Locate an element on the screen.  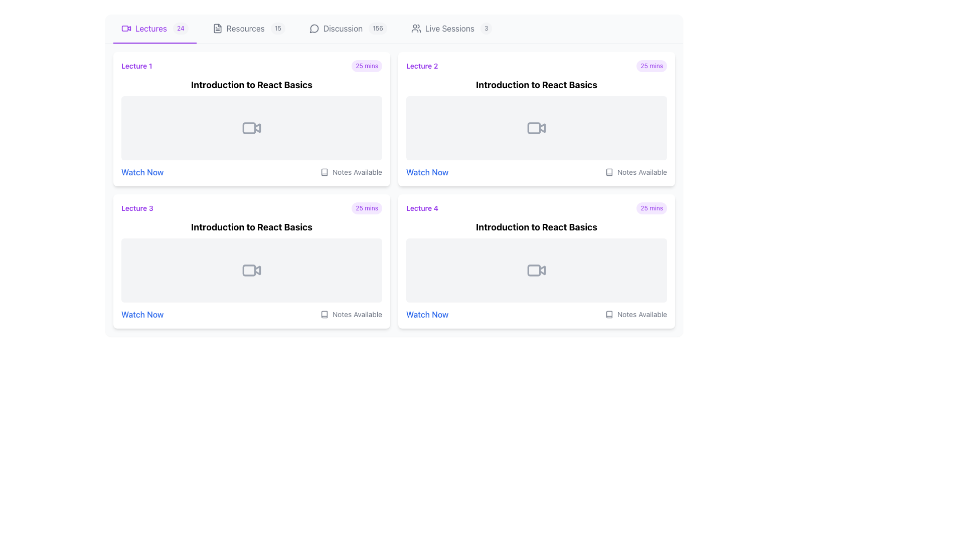
the gray filled rectangular SVG shape with rounded corners located in the left central part of the video icon representation for 'Lecture 3: Introduction to React Basics' is located at coordinates (249, 270).